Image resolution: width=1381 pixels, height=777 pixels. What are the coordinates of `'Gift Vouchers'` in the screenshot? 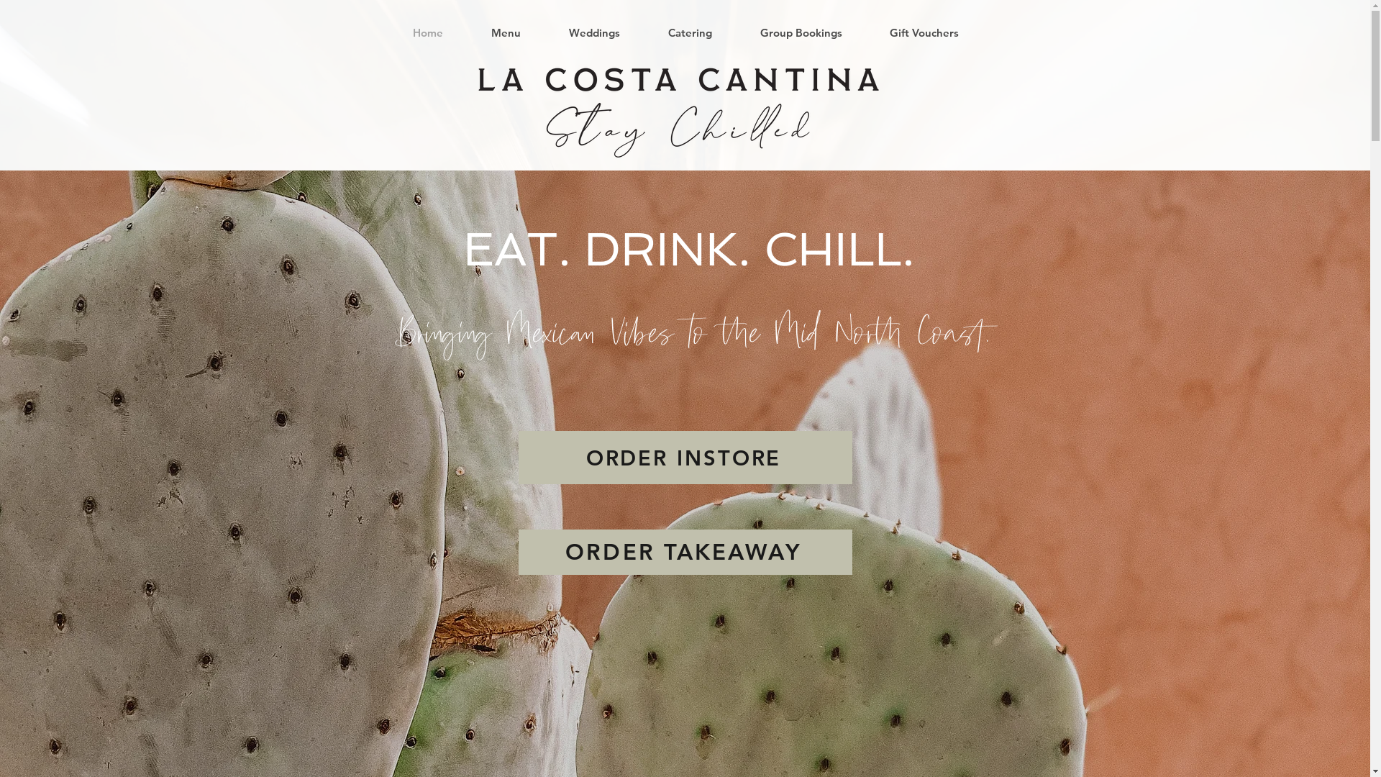 It's located at (924, 32).